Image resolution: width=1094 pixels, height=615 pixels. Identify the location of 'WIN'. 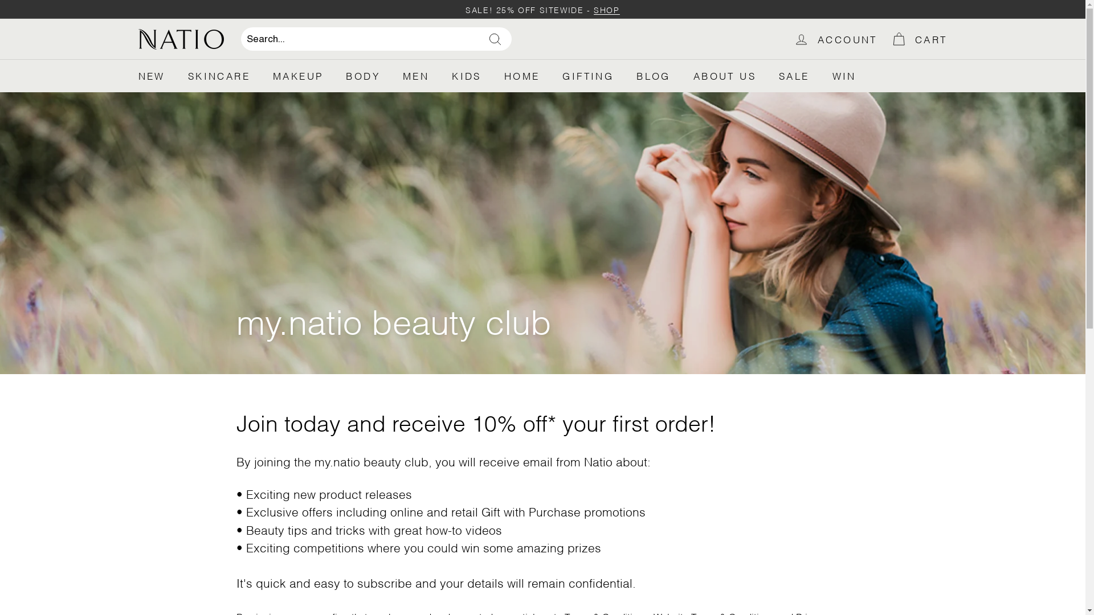
(844, 75).